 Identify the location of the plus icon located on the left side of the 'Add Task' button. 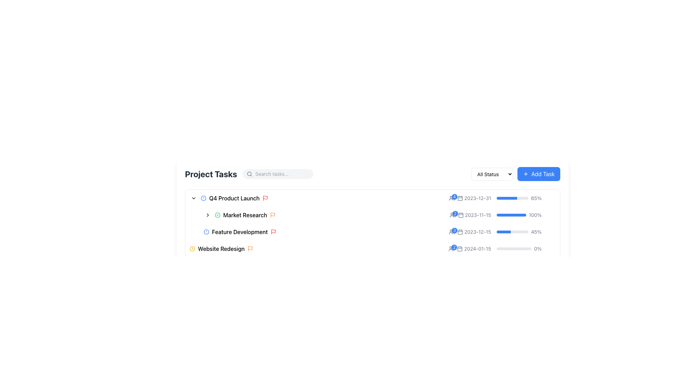
(526, 174).